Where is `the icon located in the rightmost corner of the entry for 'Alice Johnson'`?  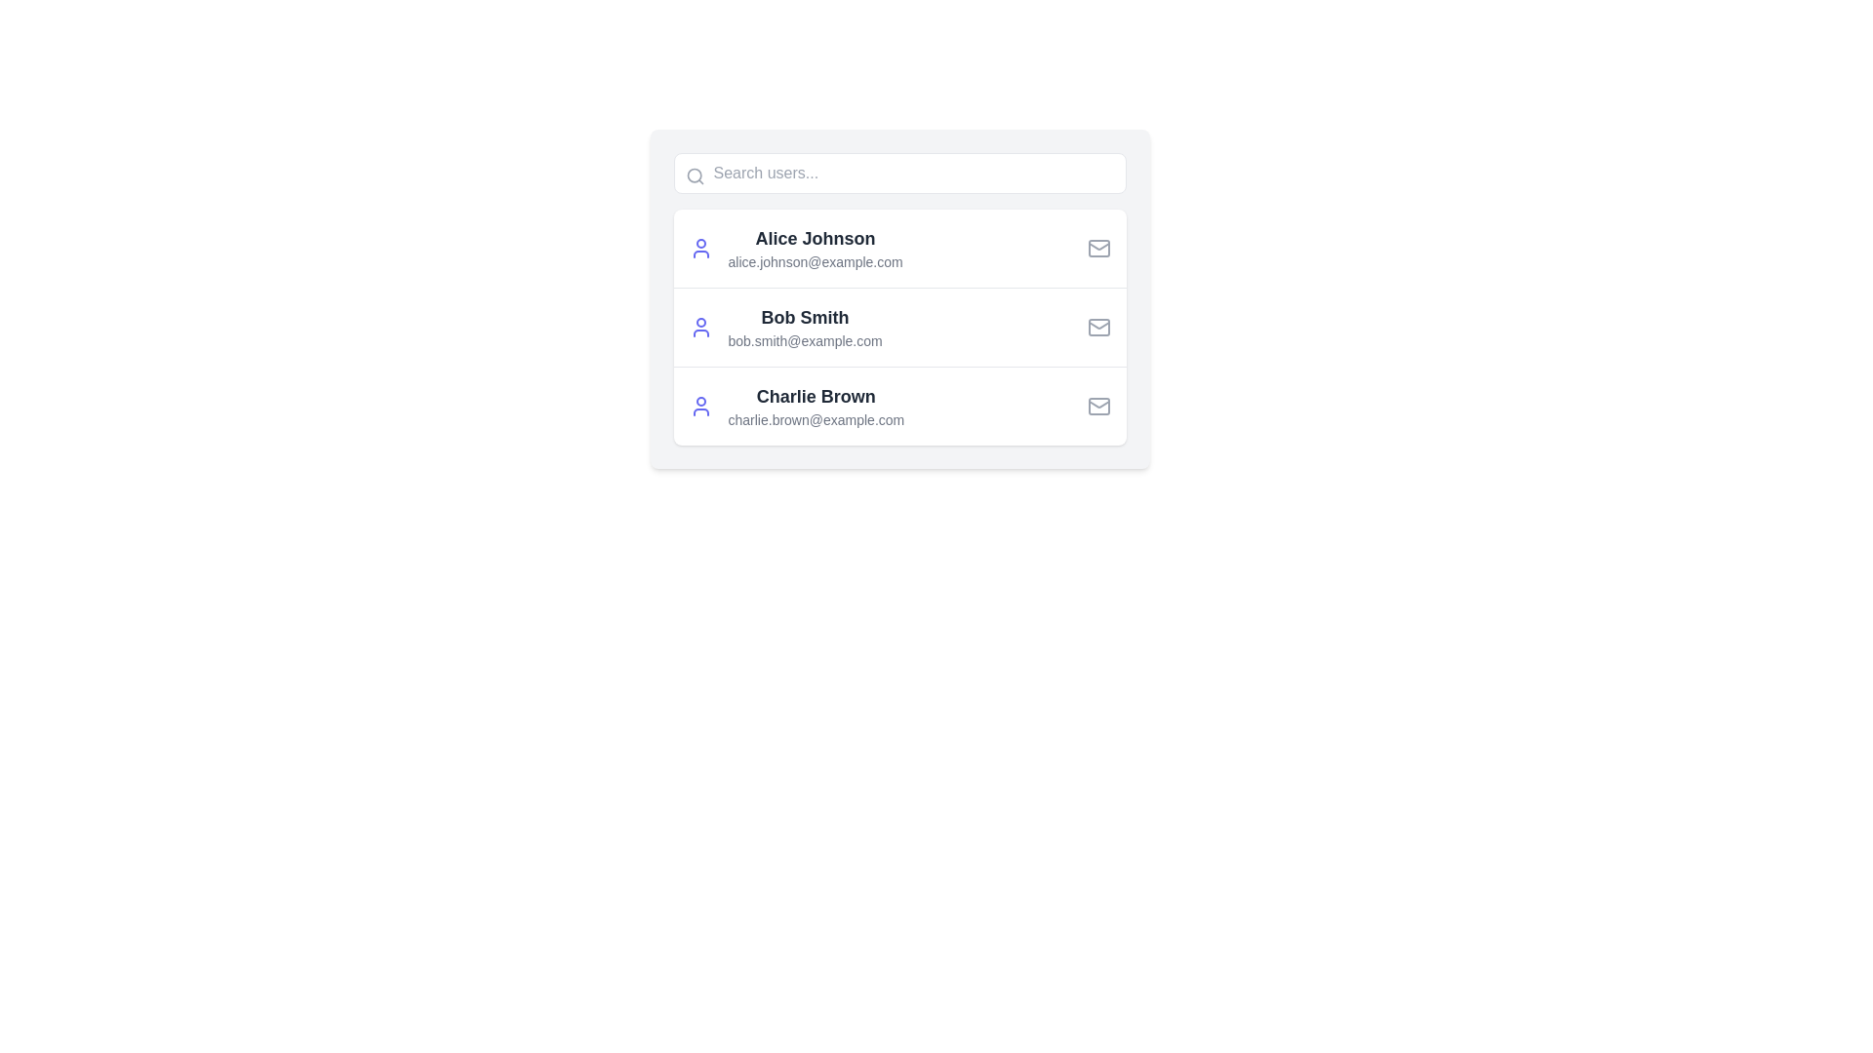
the icon located in the rightmost corner of the entry for 'Alice Johnson' is located at coordinates (1098, 247).